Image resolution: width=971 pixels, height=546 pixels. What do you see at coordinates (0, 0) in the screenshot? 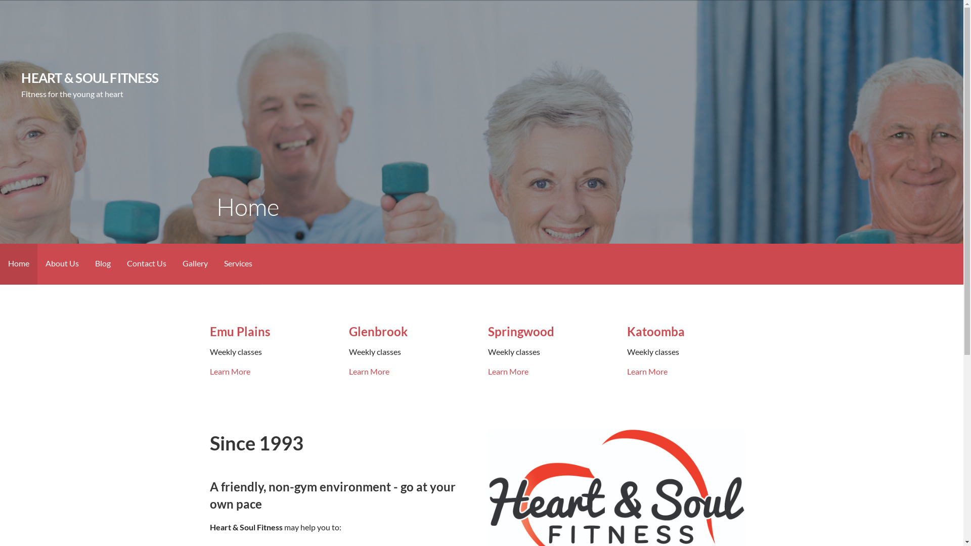
I see `'Skip to content'` at bounding box center [0, 0].